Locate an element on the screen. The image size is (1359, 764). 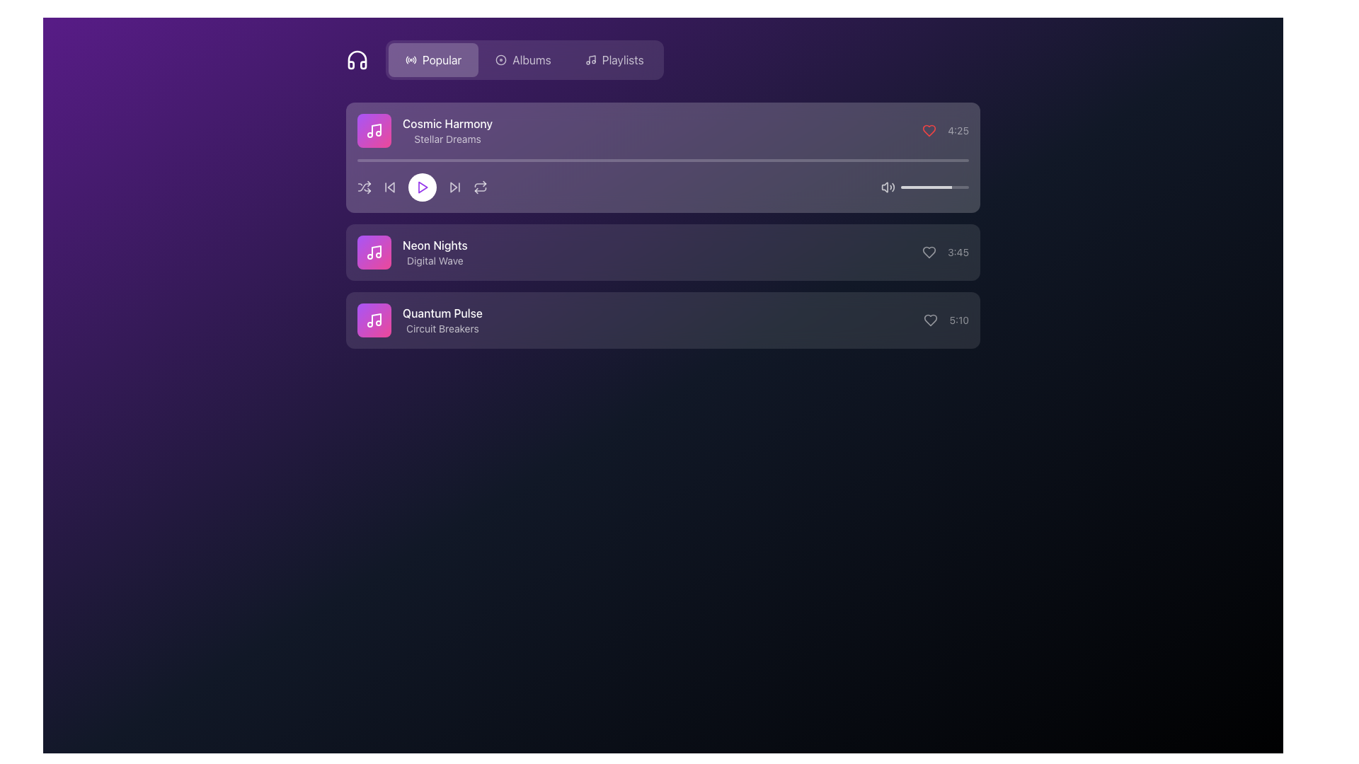
the 'Albums' button, which is a horizontally-aligned button with a light font label and a circular icon, positioned between 'Popular' and 'Playlists' is located at coordinates (522, 59).